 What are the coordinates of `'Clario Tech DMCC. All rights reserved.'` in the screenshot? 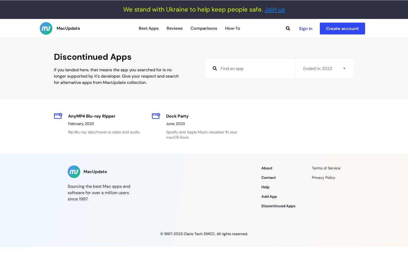 It's located at (215, 234).